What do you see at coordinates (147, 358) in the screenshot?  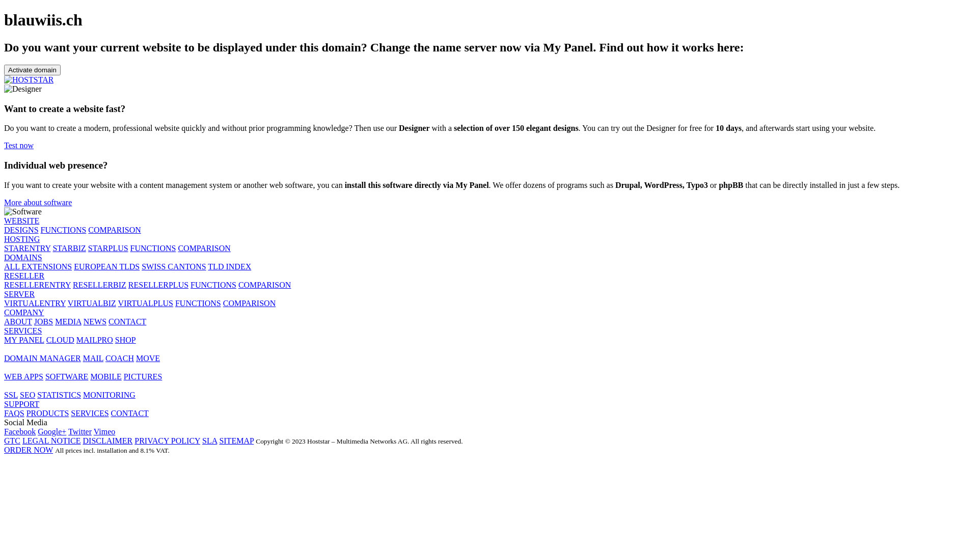 I see `'MOVE'` at bounding box center [147, 358].